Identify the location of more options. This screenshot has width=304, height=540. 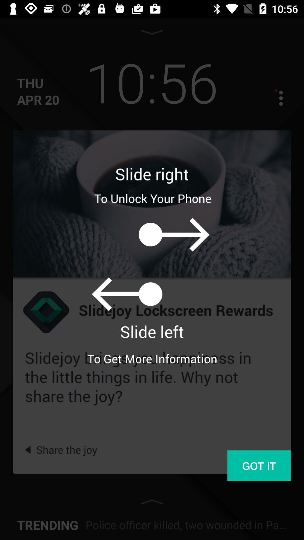
(276, 98).